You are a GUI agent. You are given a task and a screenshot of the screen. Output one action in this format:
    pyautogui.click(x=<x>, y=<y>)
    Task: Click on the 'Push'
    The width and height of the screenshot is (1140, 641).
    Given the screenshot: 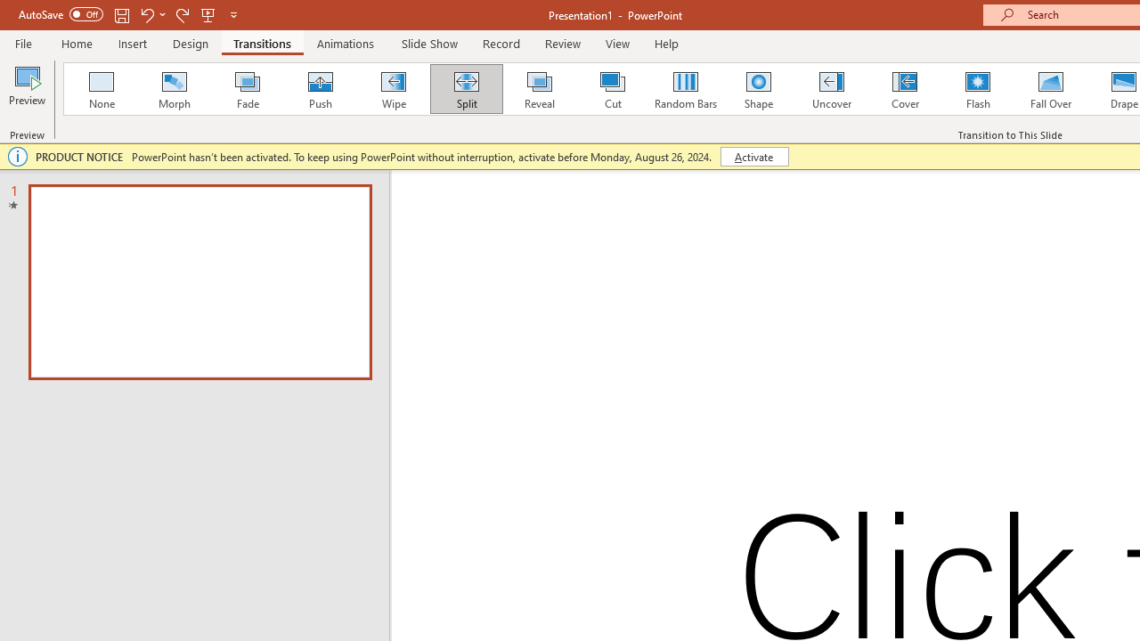 What is the action you would take?
    pyautogui.click(x=320, y=89)
    